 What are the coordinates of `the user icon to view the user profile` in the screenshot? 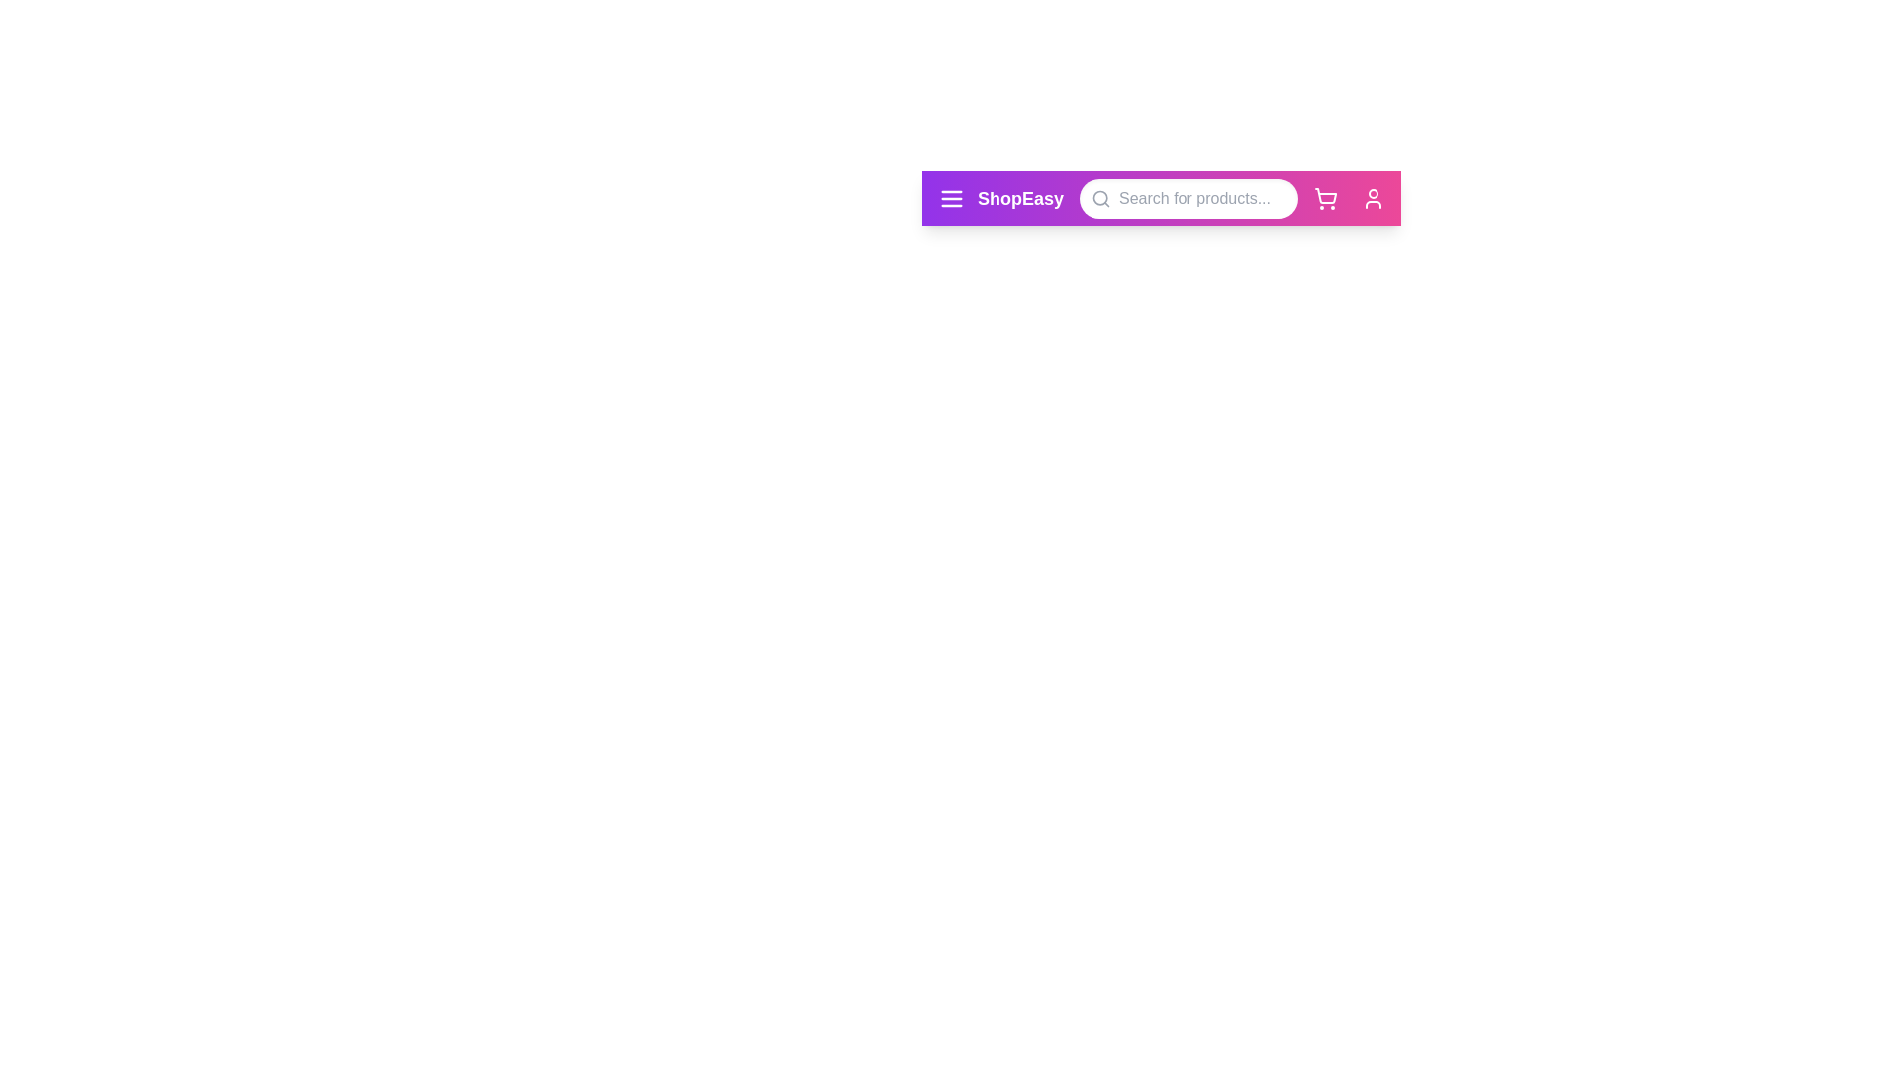 It's located at (1372, 198).